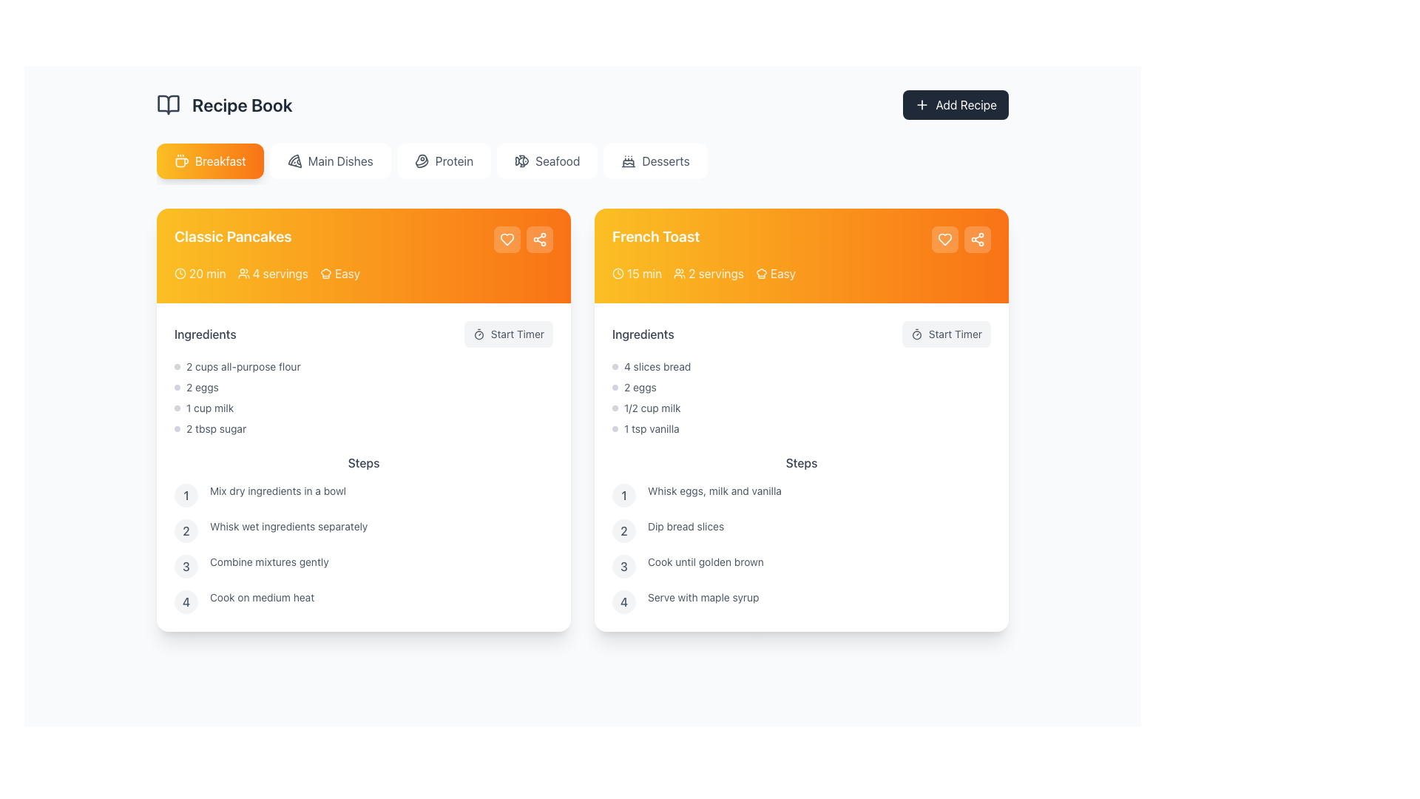  Describe the element at coordinates (329, 161) in the screenshot. I see `the 'Main Dishes' button, which is the second item in the horizontal list of buttons at the top-center of the interface, positioned between the 'Breakfast' and 'Protein' buttons` at that location.